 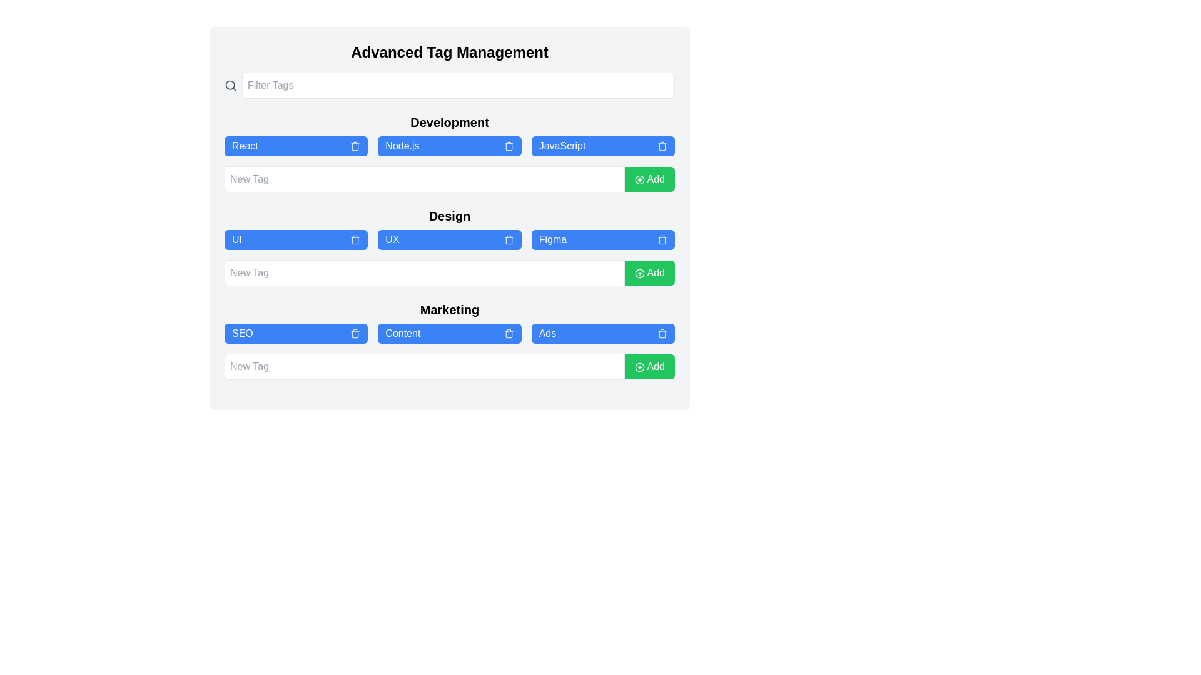 I want to click on the leftmost blue button labeled 'UX', so click(x=392, y=240).